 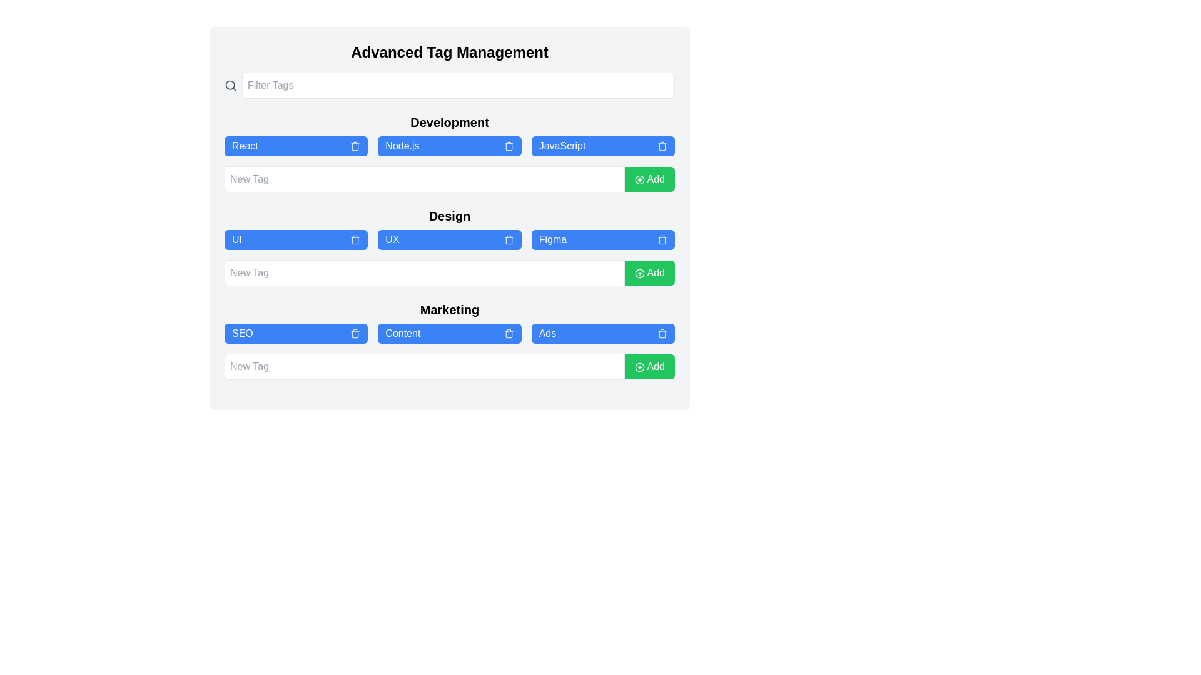 I want to click on the leftmost blue button labeled 'UX', so click(x=392, y=240).